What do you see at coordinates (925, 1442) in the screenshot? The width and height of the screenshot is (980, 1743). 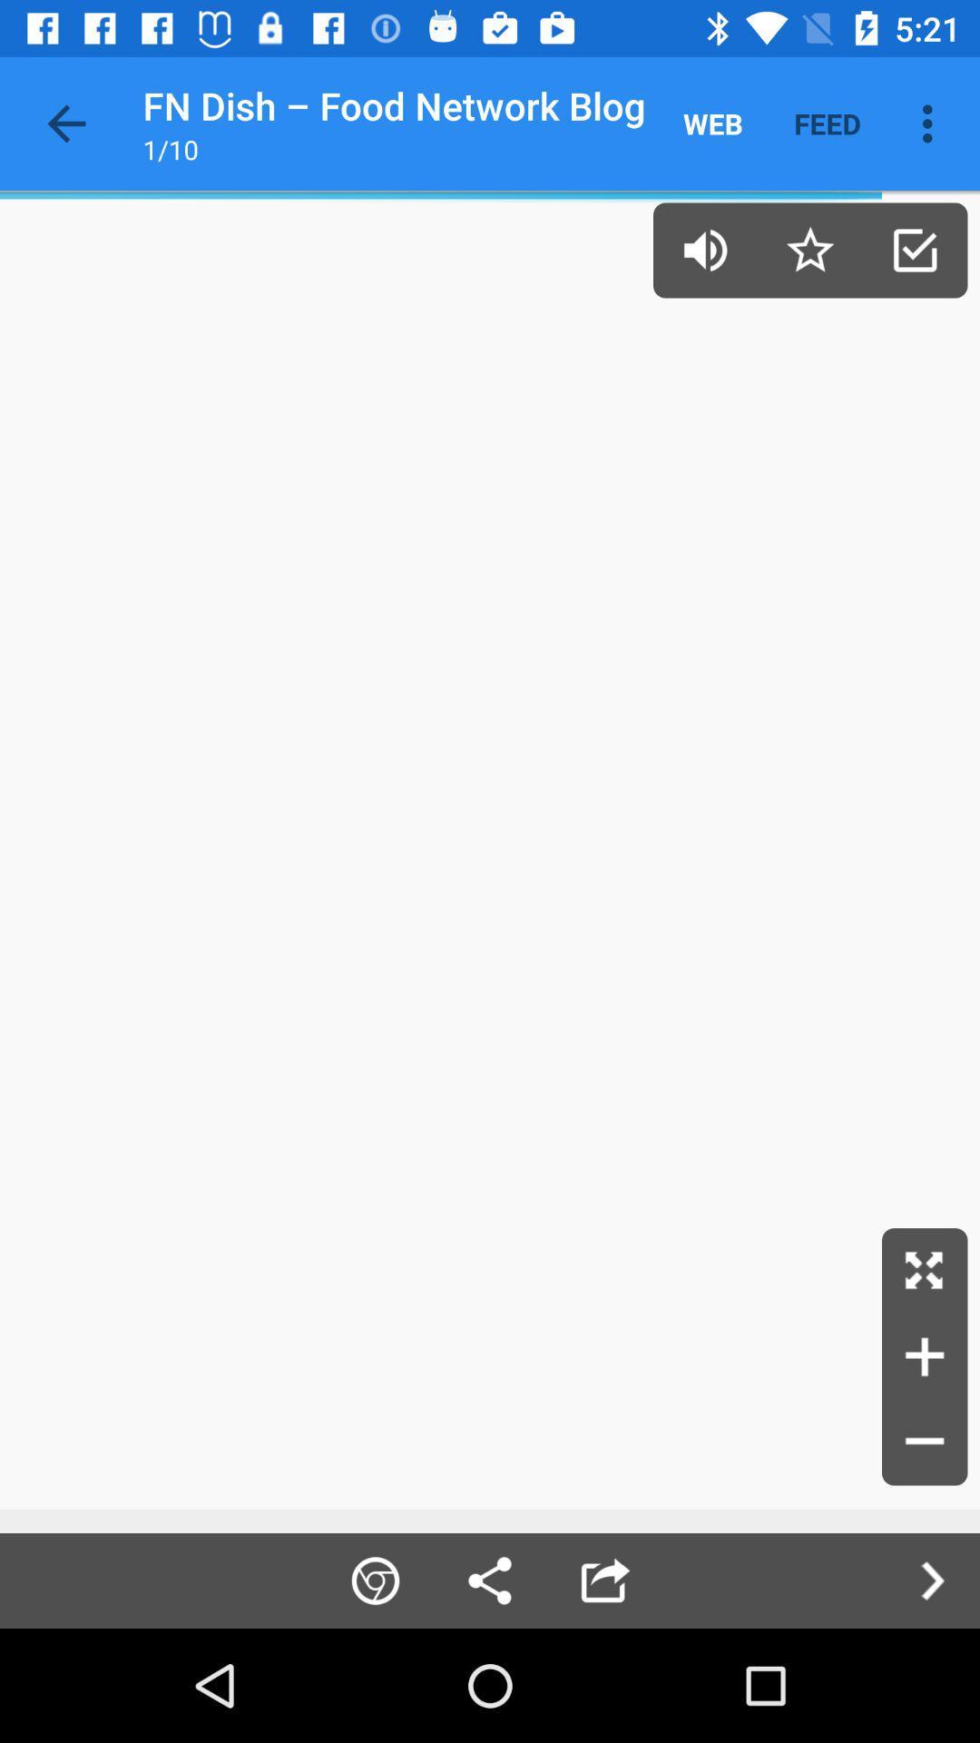 I see `zoom out` at bounding box center [925, 1442].